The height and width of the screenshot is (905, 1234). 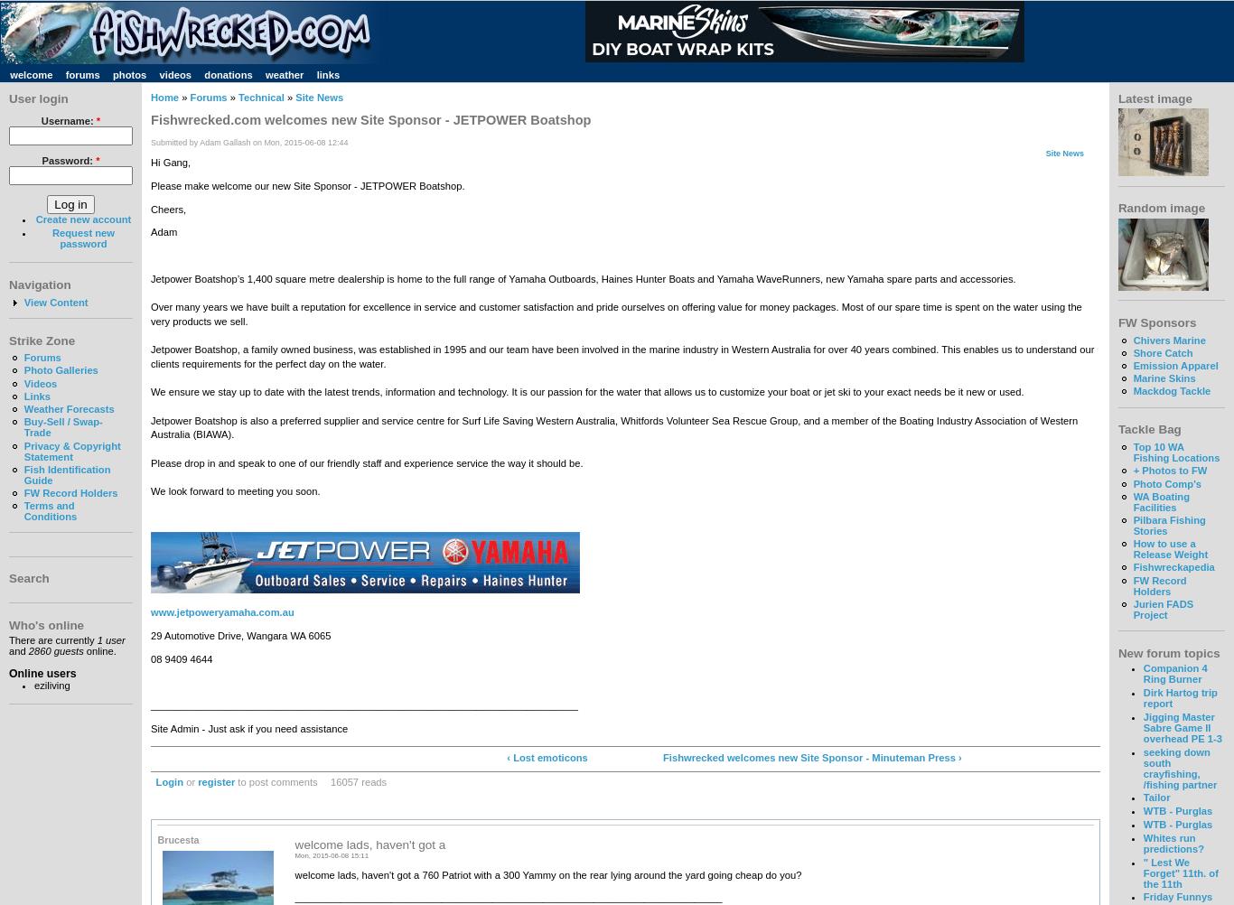 What do you see at coordinates (82, 238) in the screenshot?
I see `'Request new password'` at bounding box center [82, 238].